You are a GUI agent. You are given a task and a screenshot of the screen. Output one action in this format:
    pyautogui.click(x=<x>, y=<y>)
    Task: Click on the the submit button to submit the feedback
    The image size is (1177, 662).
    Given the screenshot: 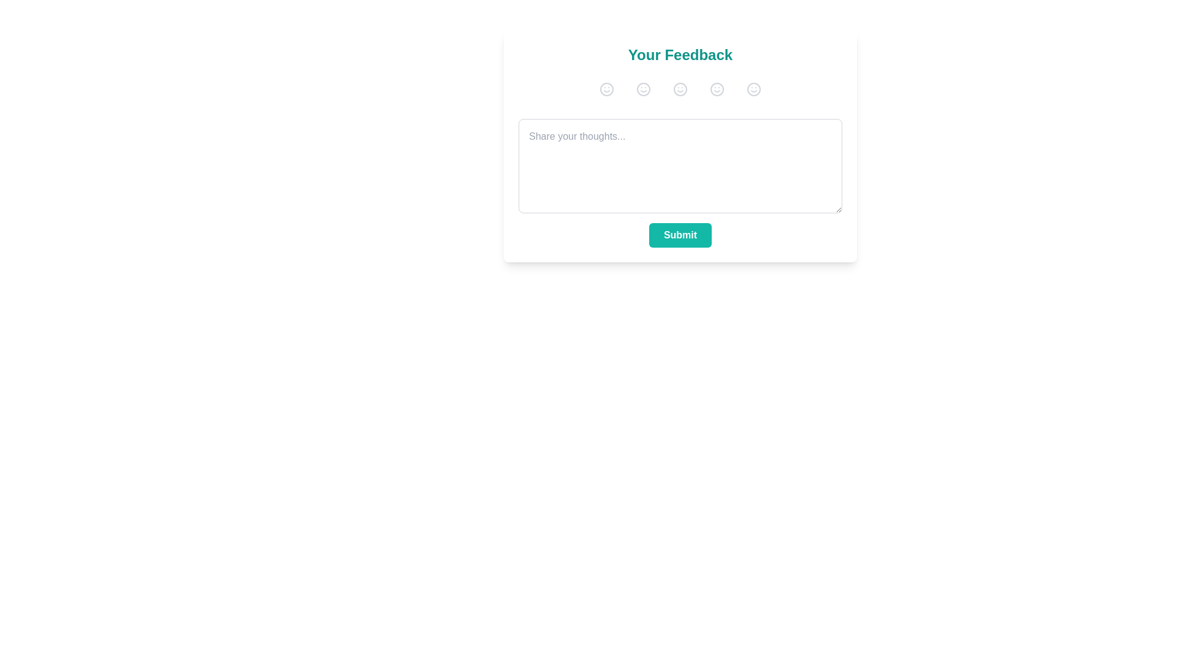 What is the action you would take?
    pyautogui.click(x=679, y=235)
    